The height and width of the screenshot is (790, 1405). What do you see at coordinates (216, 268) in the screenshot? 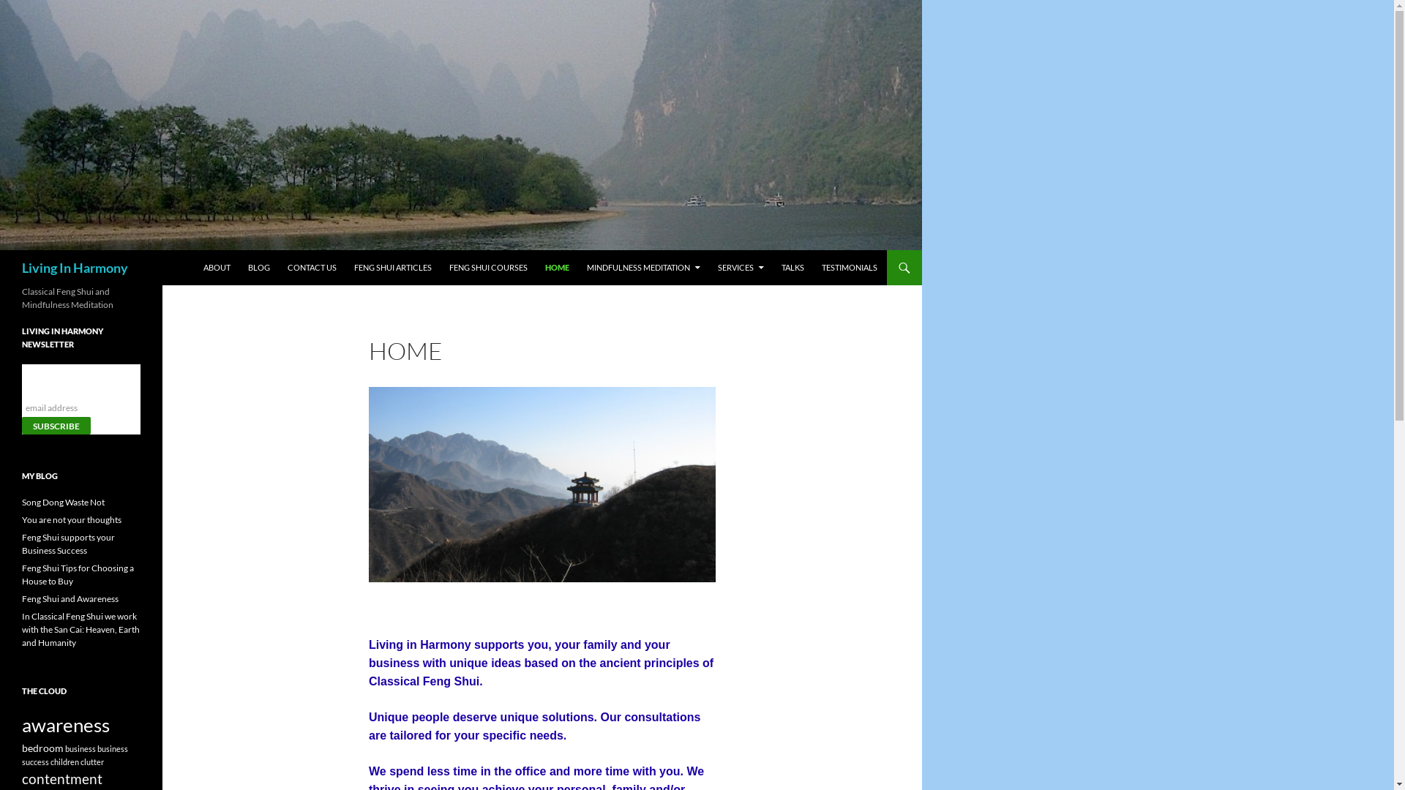
I see `'ABOUT'` at bounding box center [216, 268].